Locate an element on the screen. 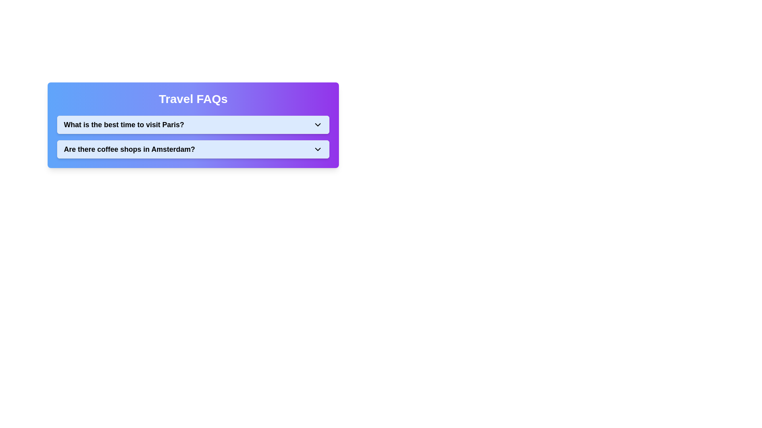 This screenshot has width=762, height=428. the first Expandable Item in the FAQ list is located at coordinates (193, 137).